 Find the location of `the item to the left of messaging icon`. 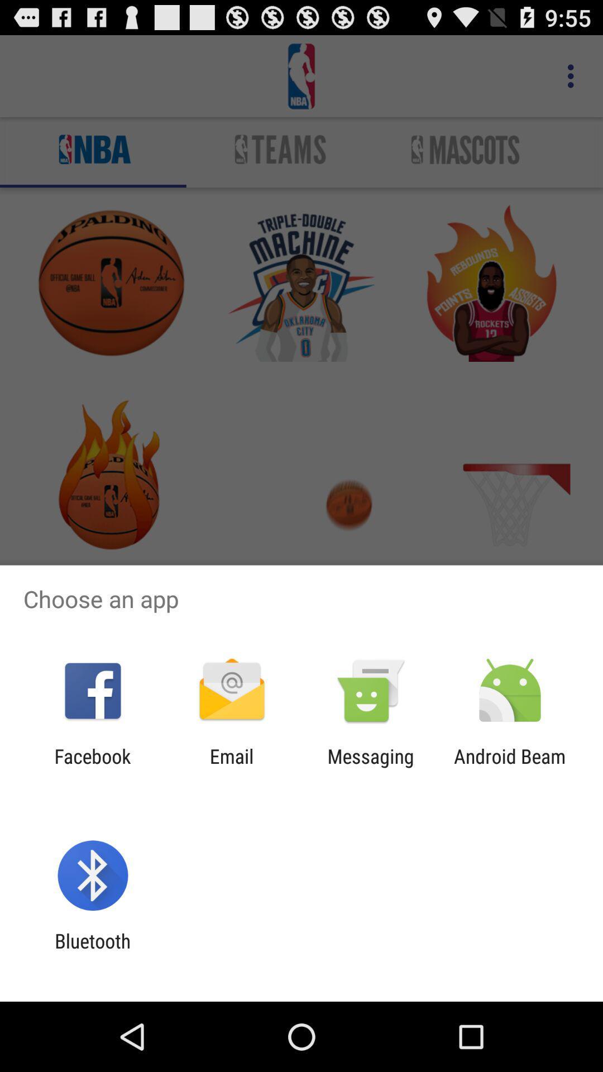

the item to the left of messaging icon is located at coordinates (231, 767).